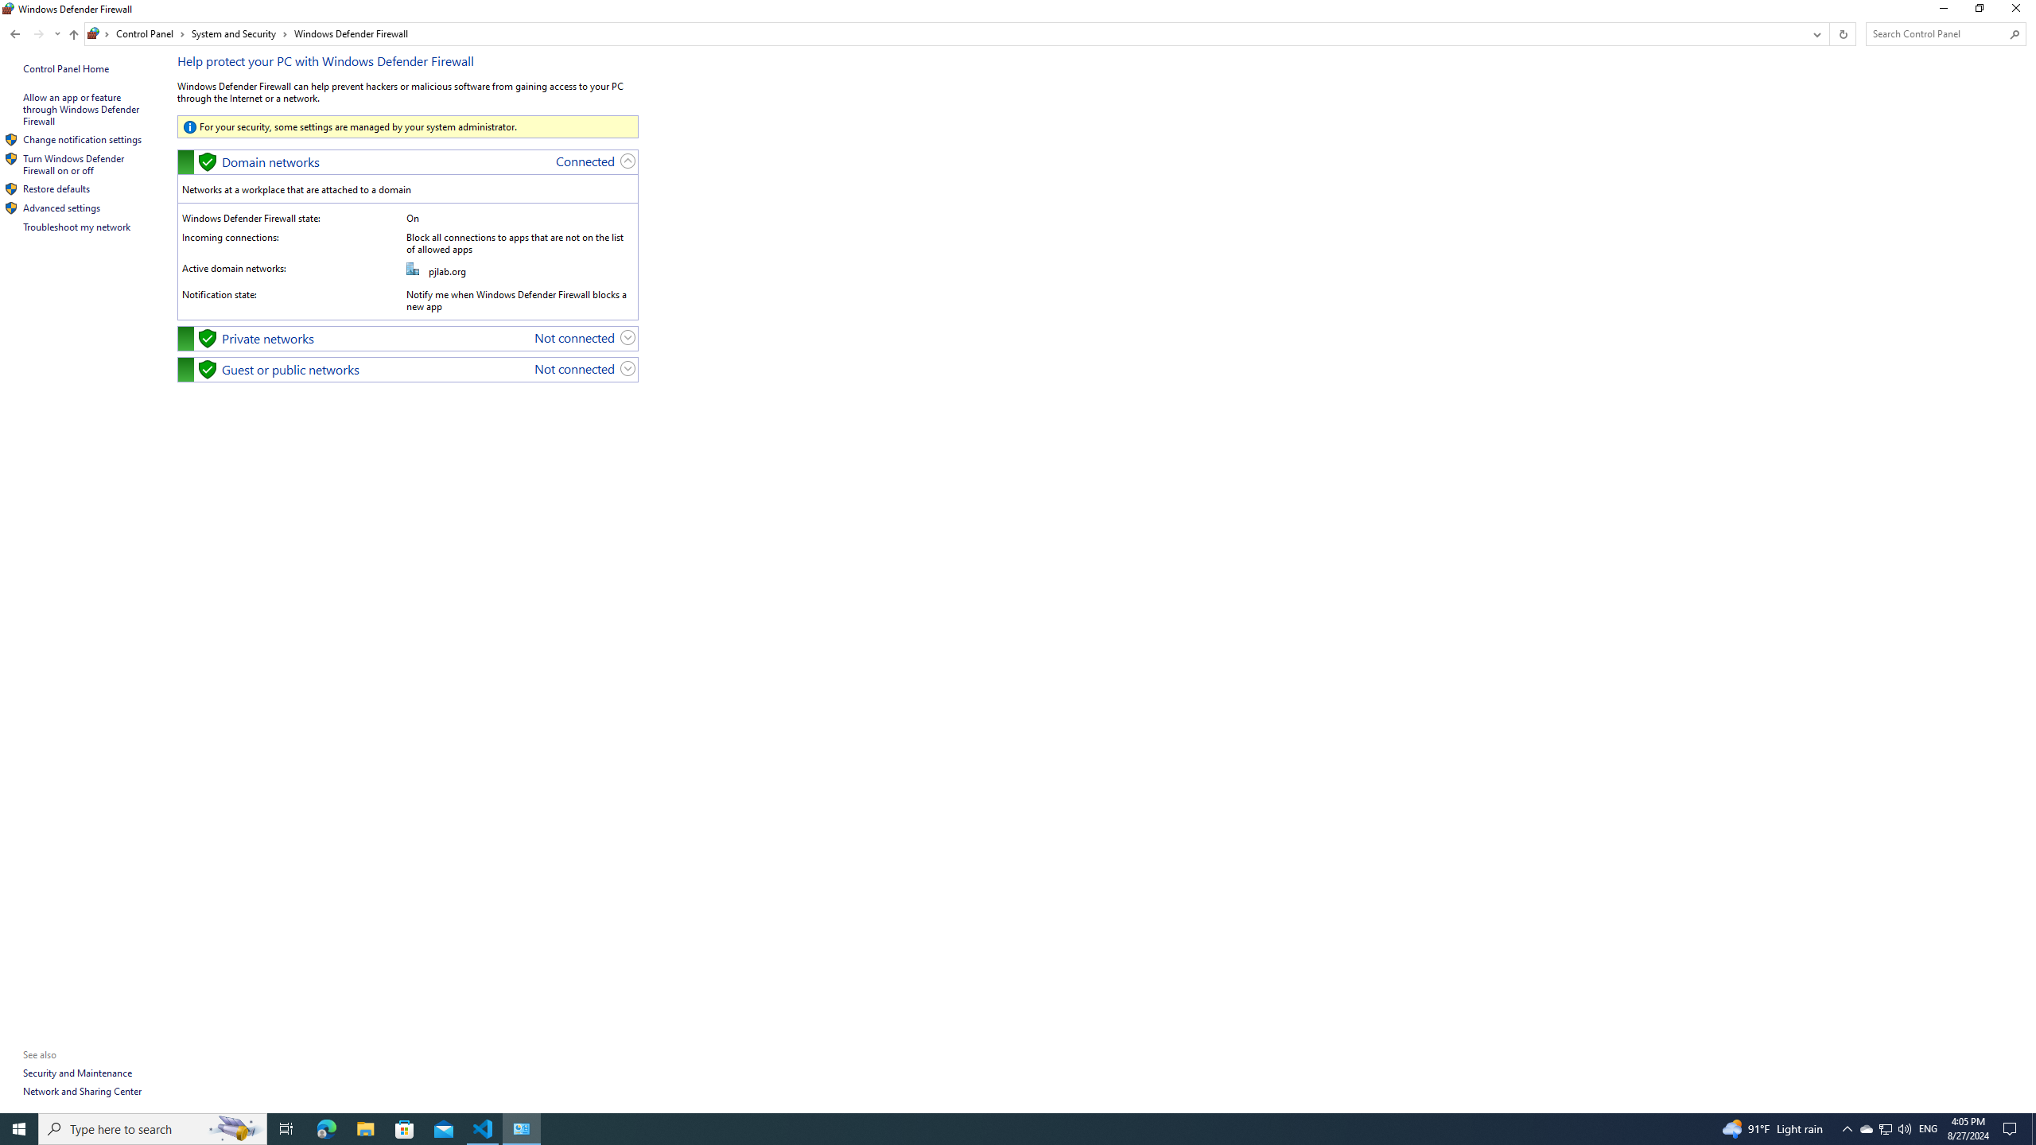 Image resolution: width=2036 pixels, height=1145 pixels. Describe the element at coordinates (81, 1090) in the screenshot. I see `'Network and Sharing Center'` at that location.